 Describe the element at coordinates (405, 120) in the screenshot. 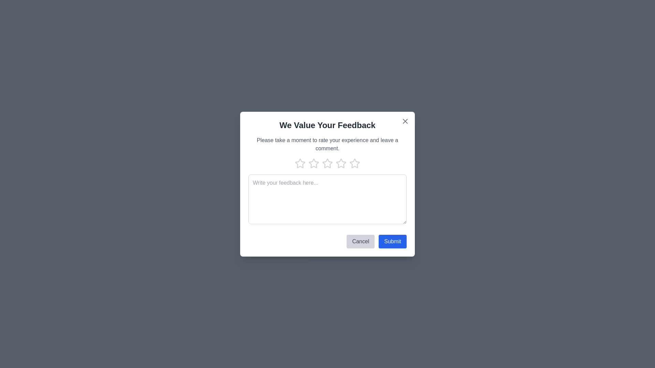

I see `the close button (small 'X' icon) located at the top-right corner of the modal window titled 'We Value Your Feedback'` at that location.